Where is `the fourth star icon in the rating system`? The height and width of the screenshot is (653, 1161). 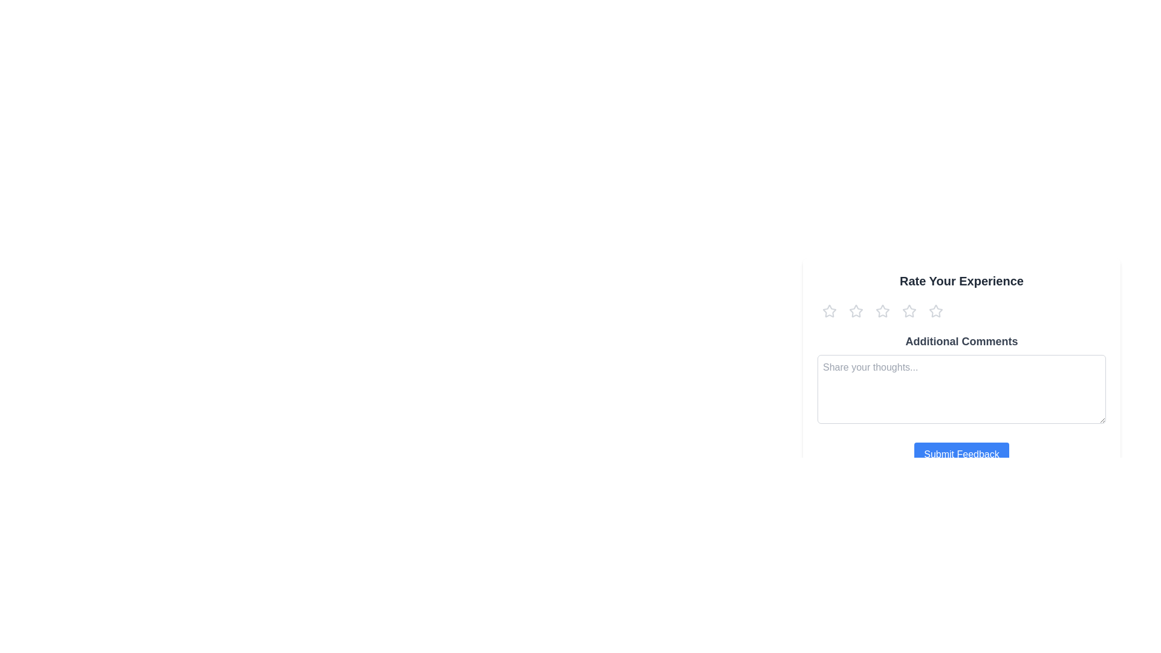
the fourth star icon in the rating system is located at coordinates (935, 310).